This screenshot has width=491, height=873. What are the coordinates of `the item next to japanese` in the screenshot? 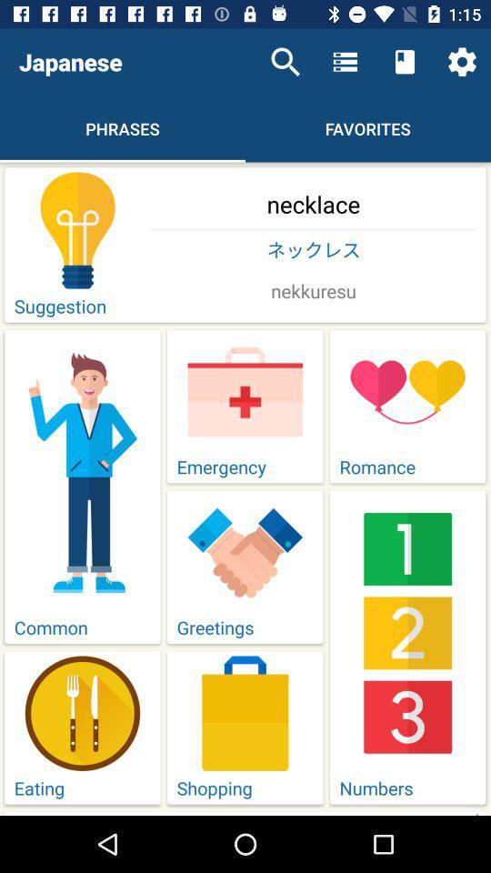 It's located at (286, 62).